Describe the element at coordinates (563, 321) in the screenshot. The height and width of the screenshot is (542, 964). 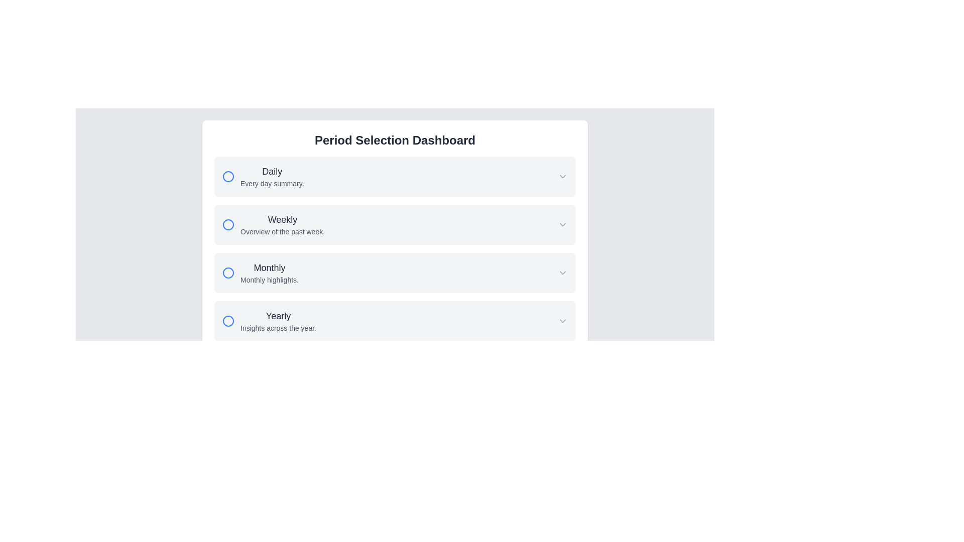
I see `the Chevron Icon located at the right-hand side of the 'Yearly' section` at that location.